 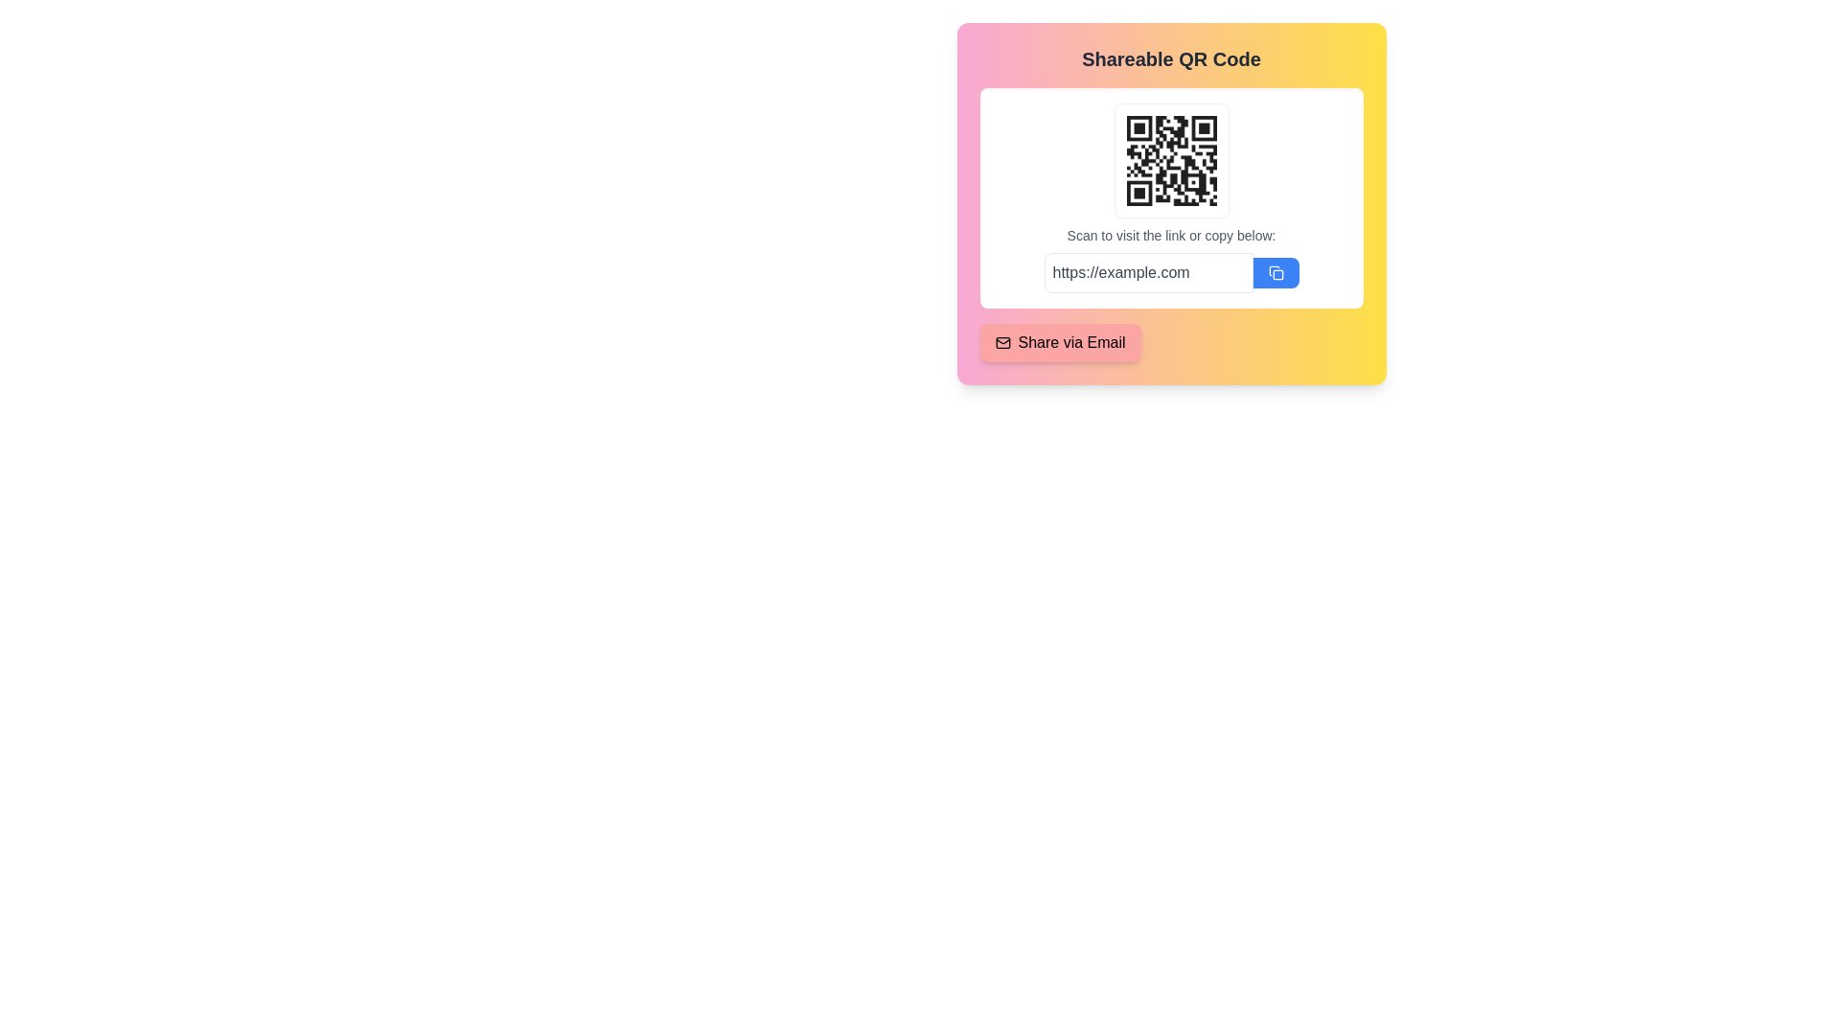 What do you see at coordinates (1170, 235) in the screenshot?
I see `the static display text reading 'Scan to visit the link or copy below:' which is styled in gray color and positioned below the QR code and above the URL input field` at bounding box center [1170, 235].